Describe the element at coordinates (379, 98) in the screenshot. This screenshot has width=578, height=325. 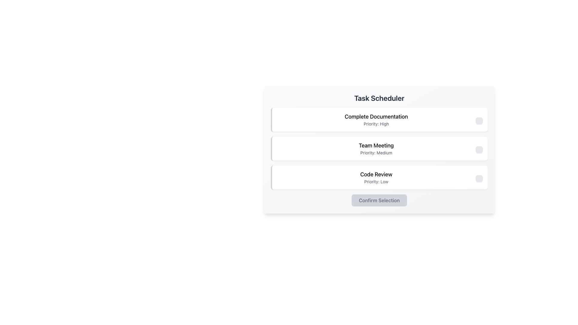
I see `displayed text from the Text Label, which serves as the title for the task scheduling interface located at the top center of the panel` at that location.